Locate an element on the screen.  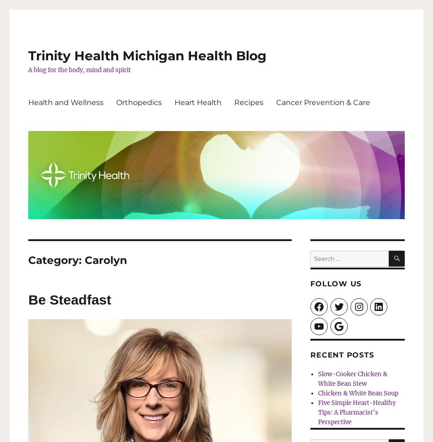
'Follow Us' is located at coordinates (335, 283).